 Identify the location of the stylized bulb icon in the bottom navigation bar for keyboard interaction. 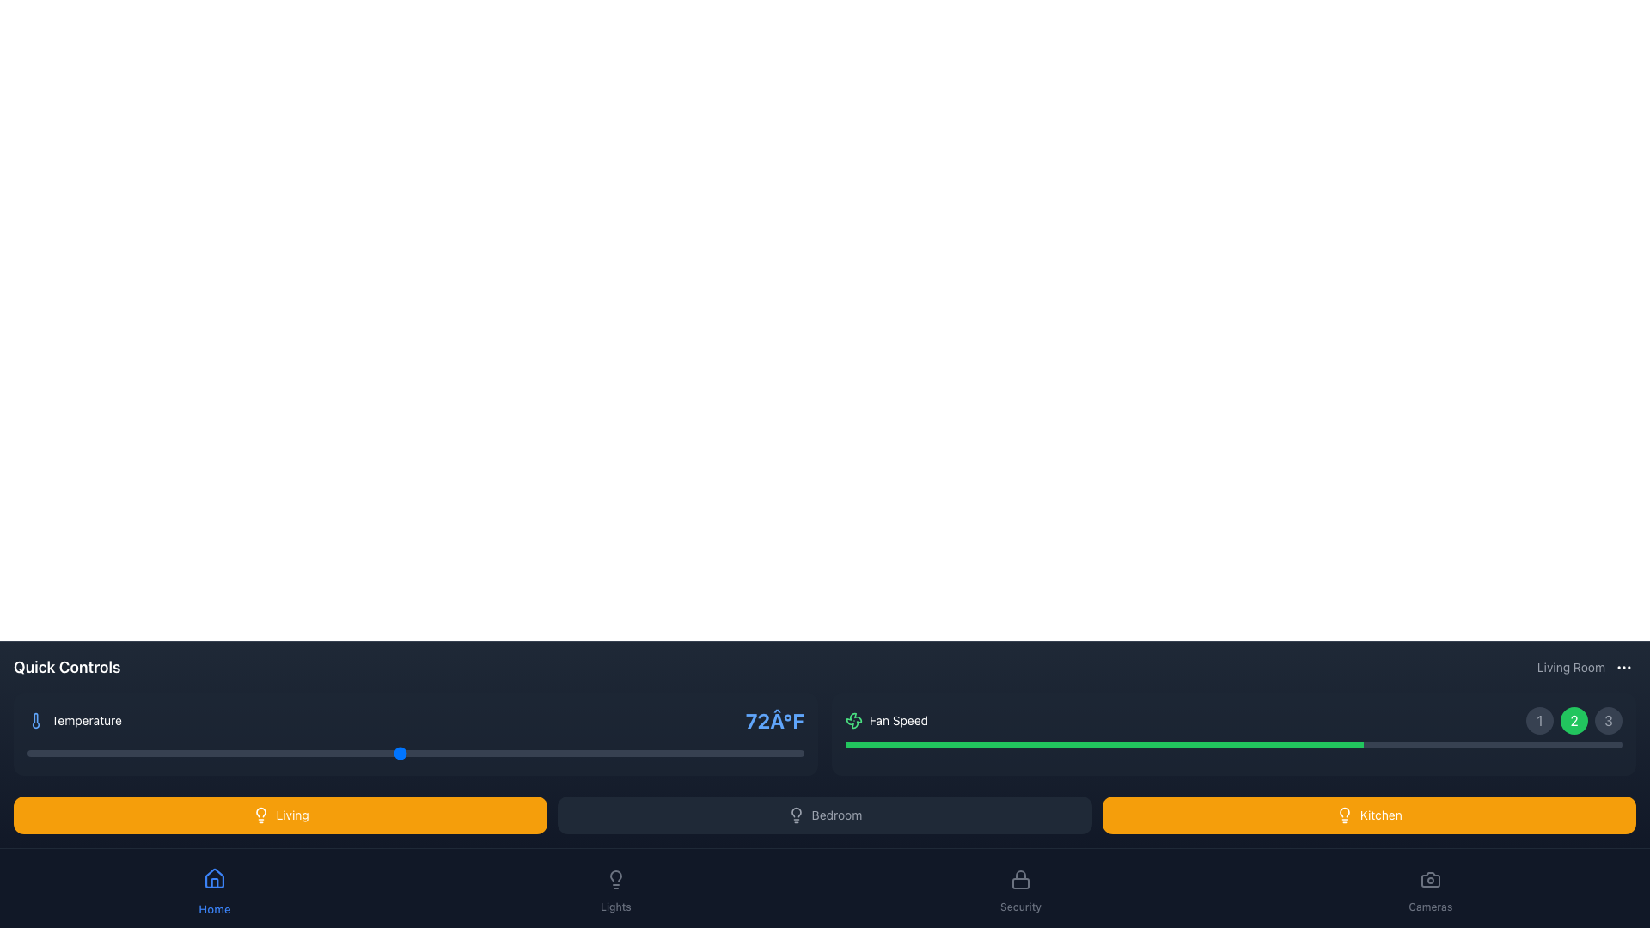
(615, 876).